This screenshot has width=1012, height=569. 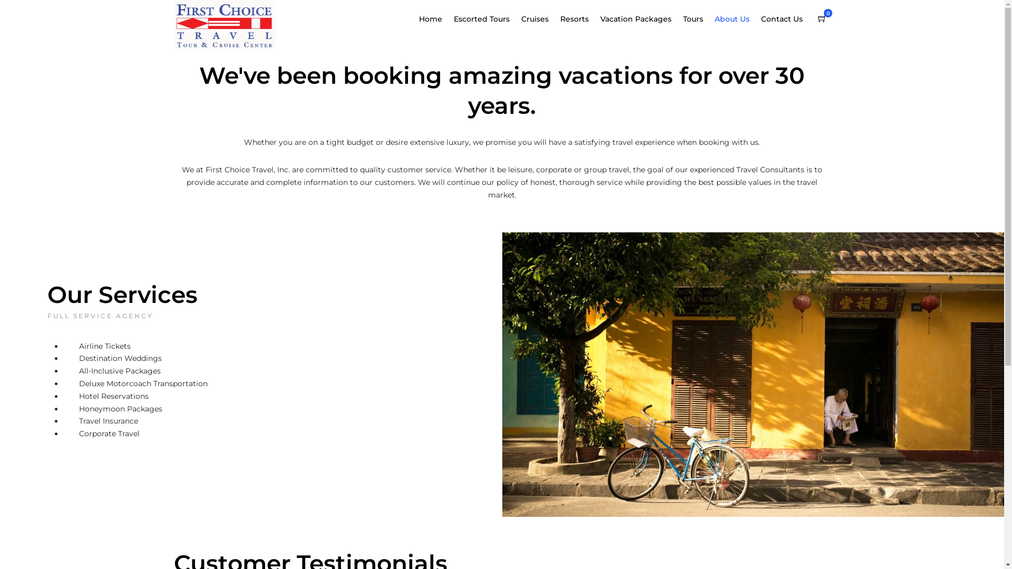 I want to click on 'View Cart', so click(x=822, y=18).